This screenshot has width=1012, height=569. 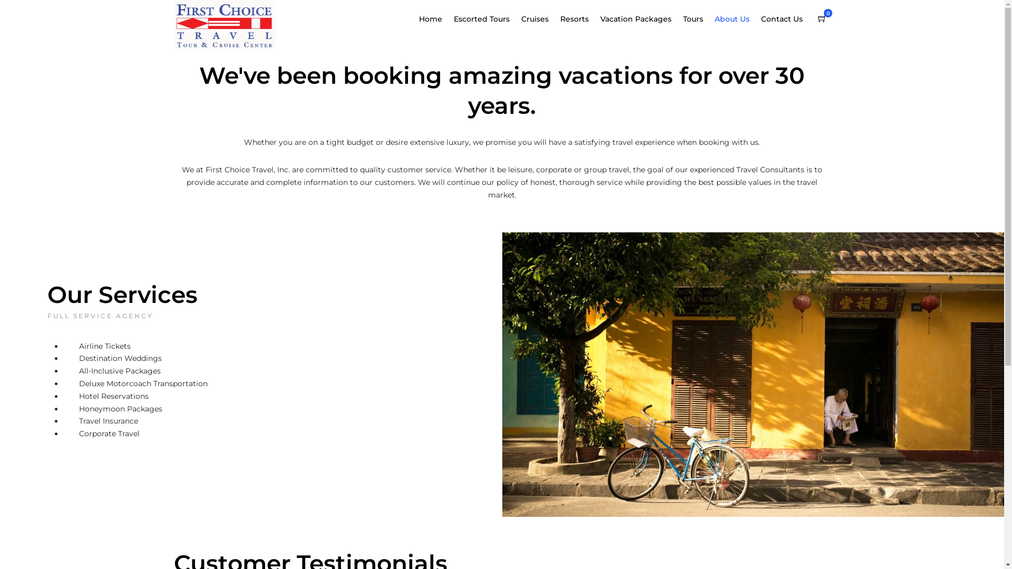 I want to click on 'View Cart', so click(x=822, y=18).